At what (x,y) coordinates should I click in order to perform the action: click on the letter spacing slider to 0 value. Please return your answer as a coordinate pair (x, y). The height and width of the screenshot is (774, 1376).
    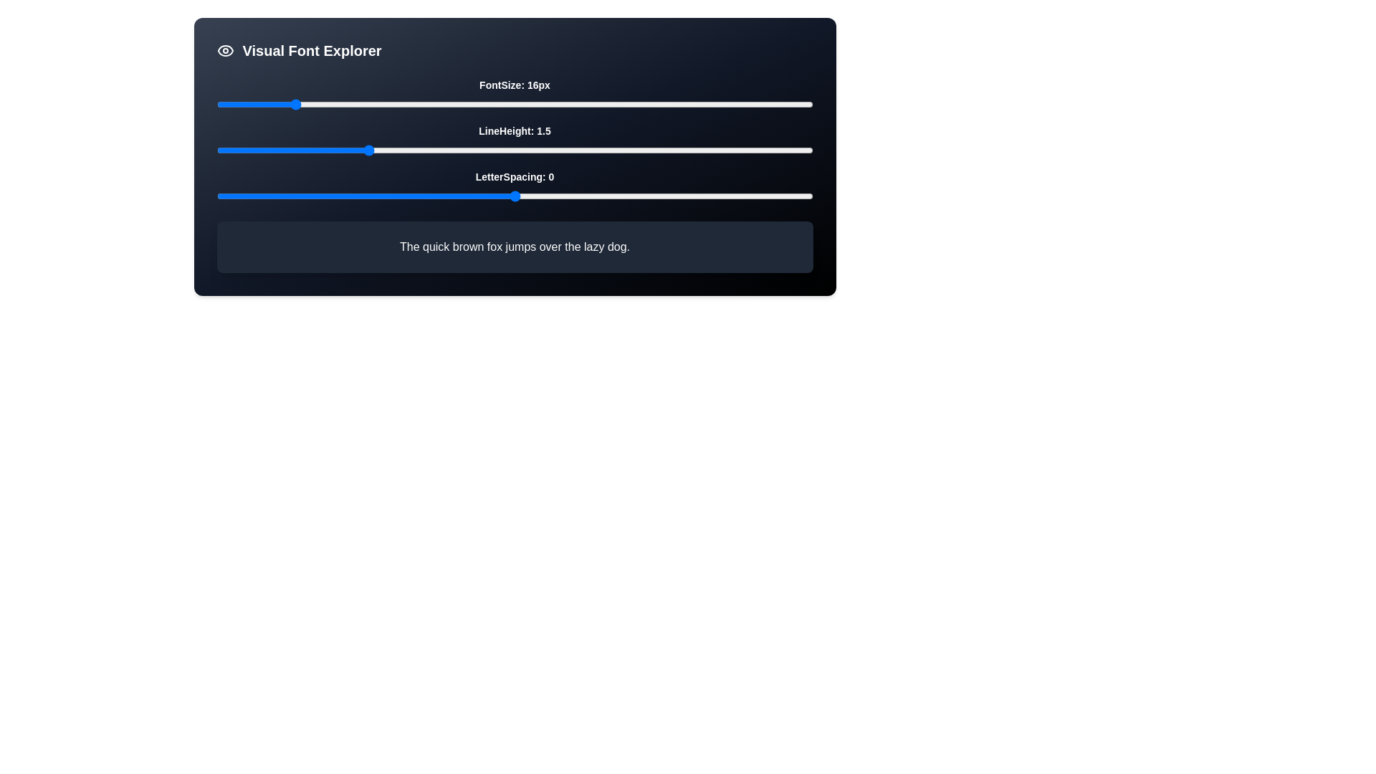
    Looking at the image, I should click on (515, 196).